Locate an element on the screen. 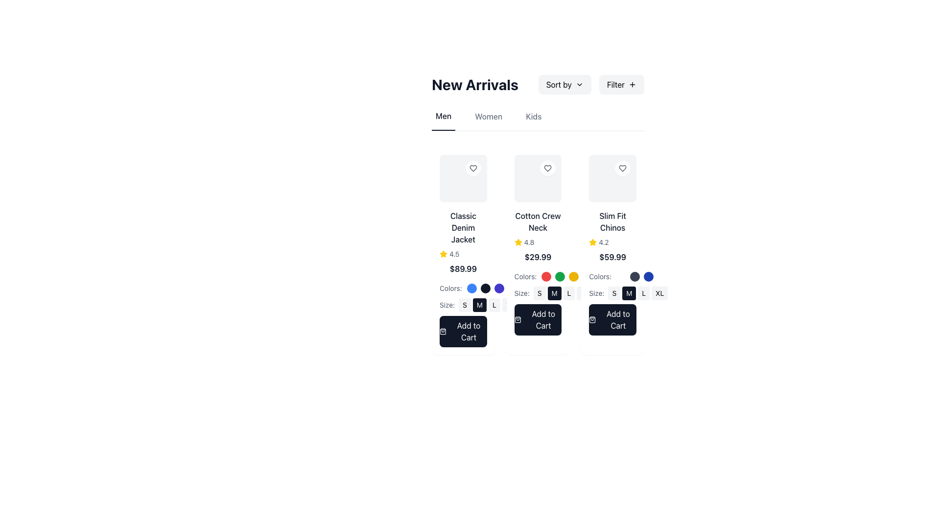 This screenshot has height=529, width=940. the 'Quick View' button, which is a rounded button with a white background that transitions to light gray on hover, located in the center column of the product grid for 'Cotton Crew Neck' is located at coordinates (538, 178).